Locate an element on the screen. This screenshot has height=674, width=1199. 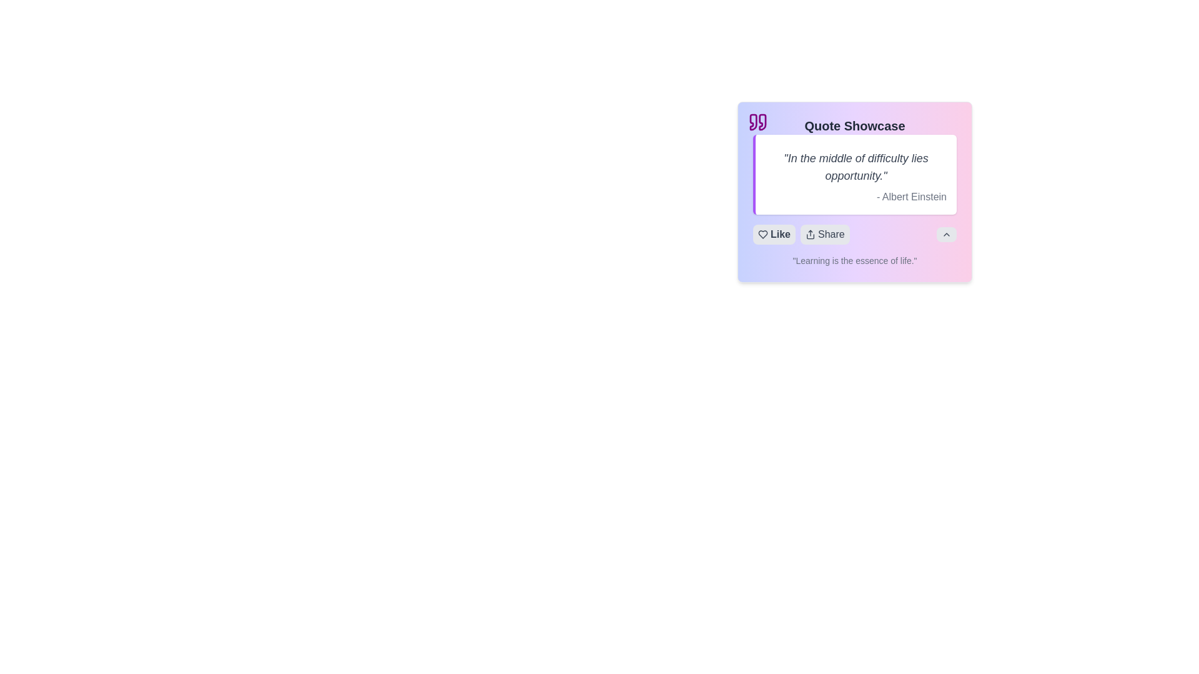
the 'Like' button located at the bottom-left corner of the button group to express approval of the content is located at coordinates (773, 234).